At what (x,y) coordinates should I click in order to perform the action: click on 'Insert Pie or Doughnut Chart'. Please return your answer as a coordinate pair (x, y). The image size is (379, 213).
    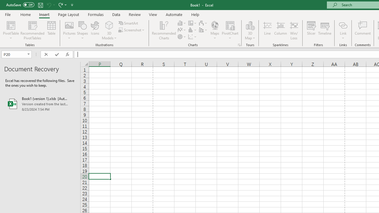
    Looking at the image, I should click on (182, 37).